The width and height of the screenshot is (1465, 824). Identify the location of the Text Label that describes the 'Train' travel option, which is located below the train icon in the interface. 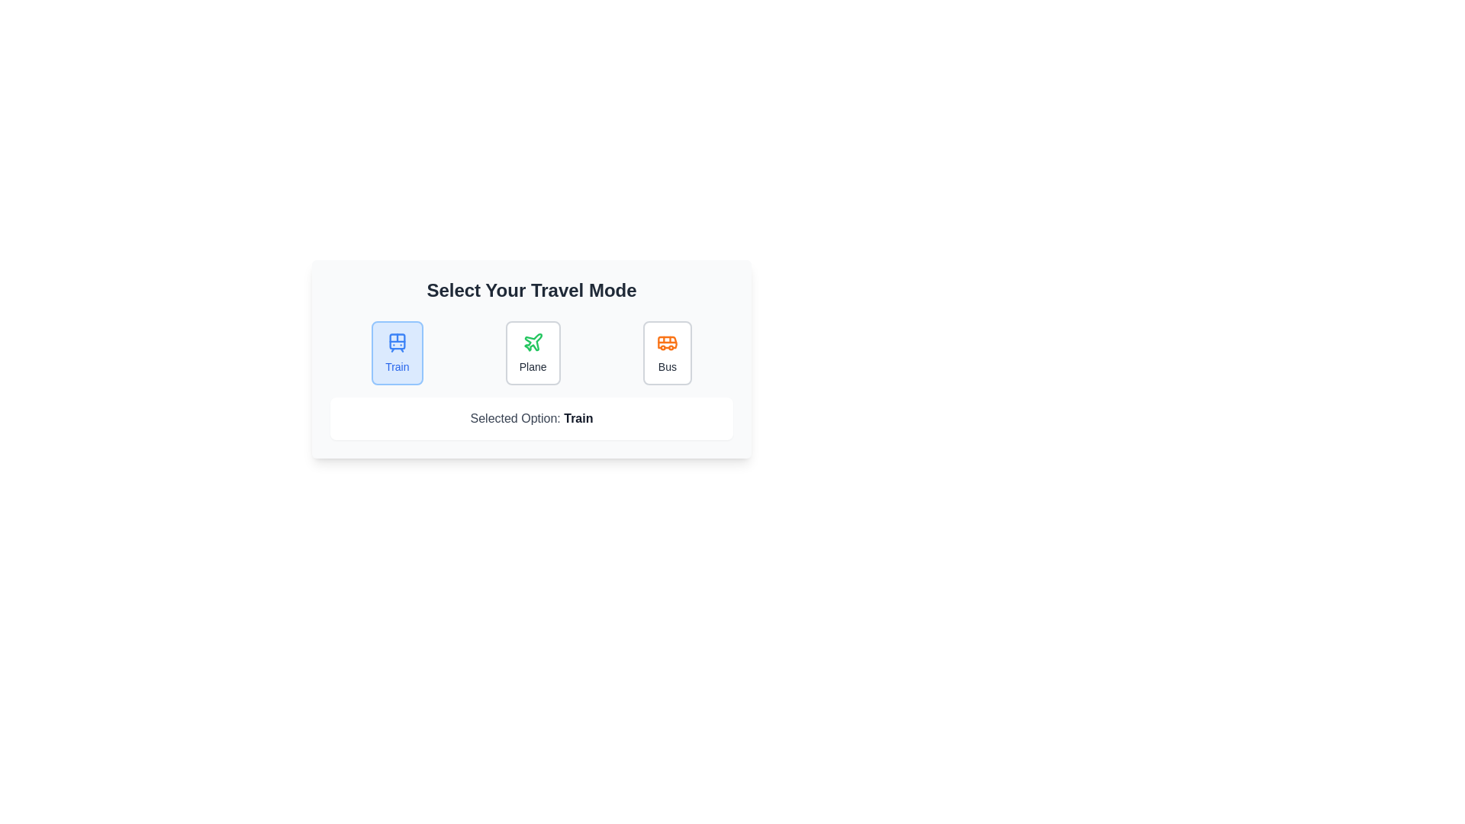
(397, 367).